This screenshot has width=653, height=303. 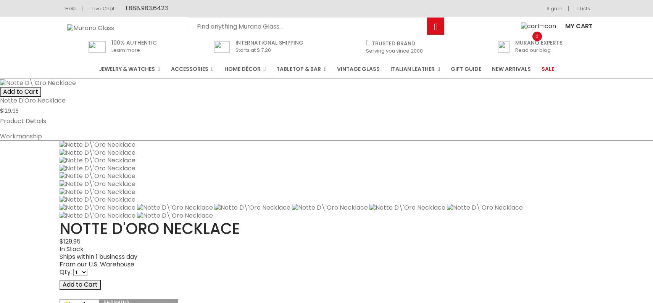 I want to click on 'This gorgeous Venetian necklace in a classic color palette of black and gold combines contemporary design with artistic value of famous Murano glass tradition. The necklace showcases the best of Murano glass-making with beautiful rich colors, artistic shapes and 24K gold leaf technique. This necklace is hand-made on Murano by the glass masters who have been perfecting their skills for generations. It is a must-have for any woman who values elegance, contemporary fashion and quality Italian workmanship.', so click(x=322, y=248).